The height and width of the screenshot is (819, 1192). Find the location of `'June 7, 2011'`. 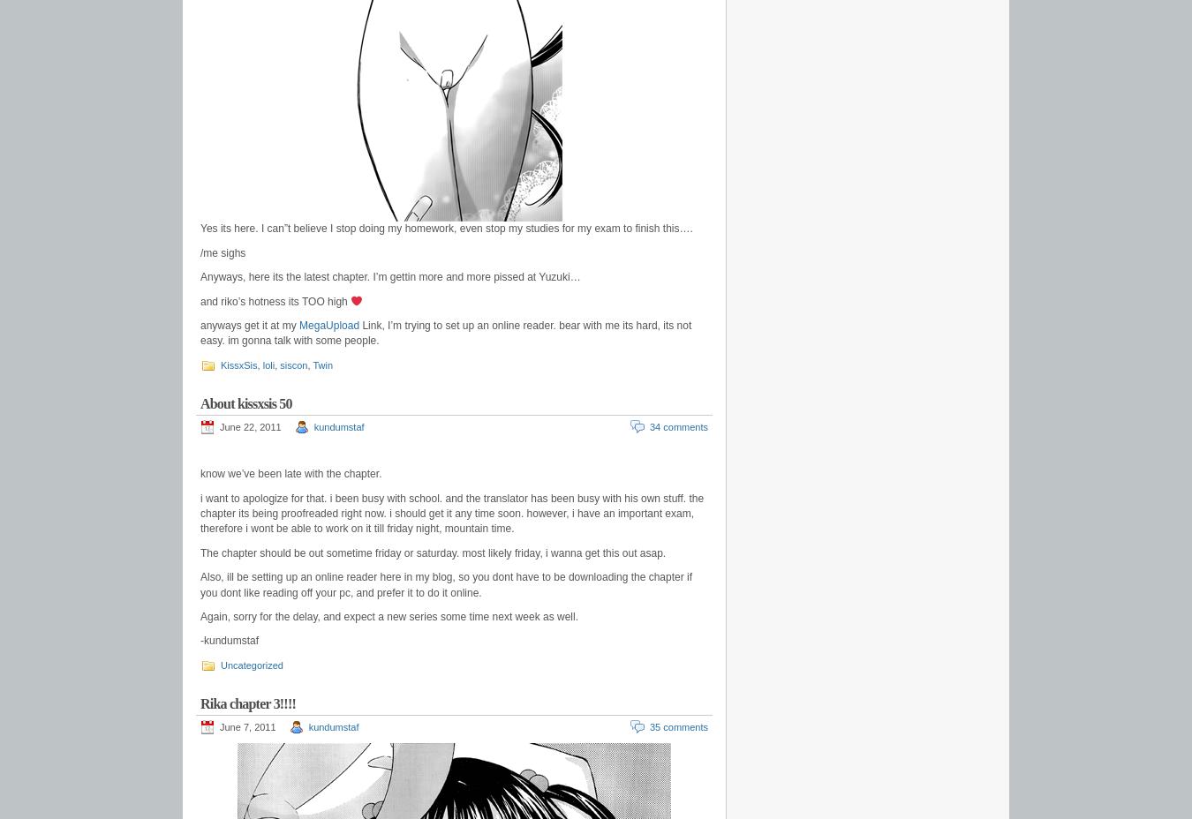

'June 7, 2011' is located at coordinates (246, 726).